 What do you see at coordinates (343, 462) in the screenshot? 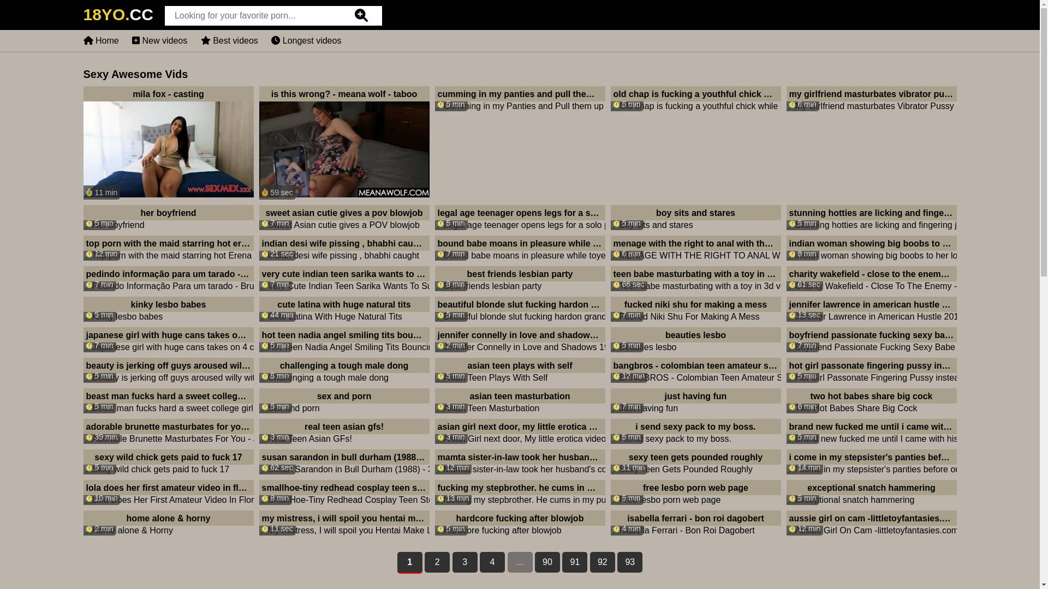
I see `'62 sec` at bounding box center [343, 462].